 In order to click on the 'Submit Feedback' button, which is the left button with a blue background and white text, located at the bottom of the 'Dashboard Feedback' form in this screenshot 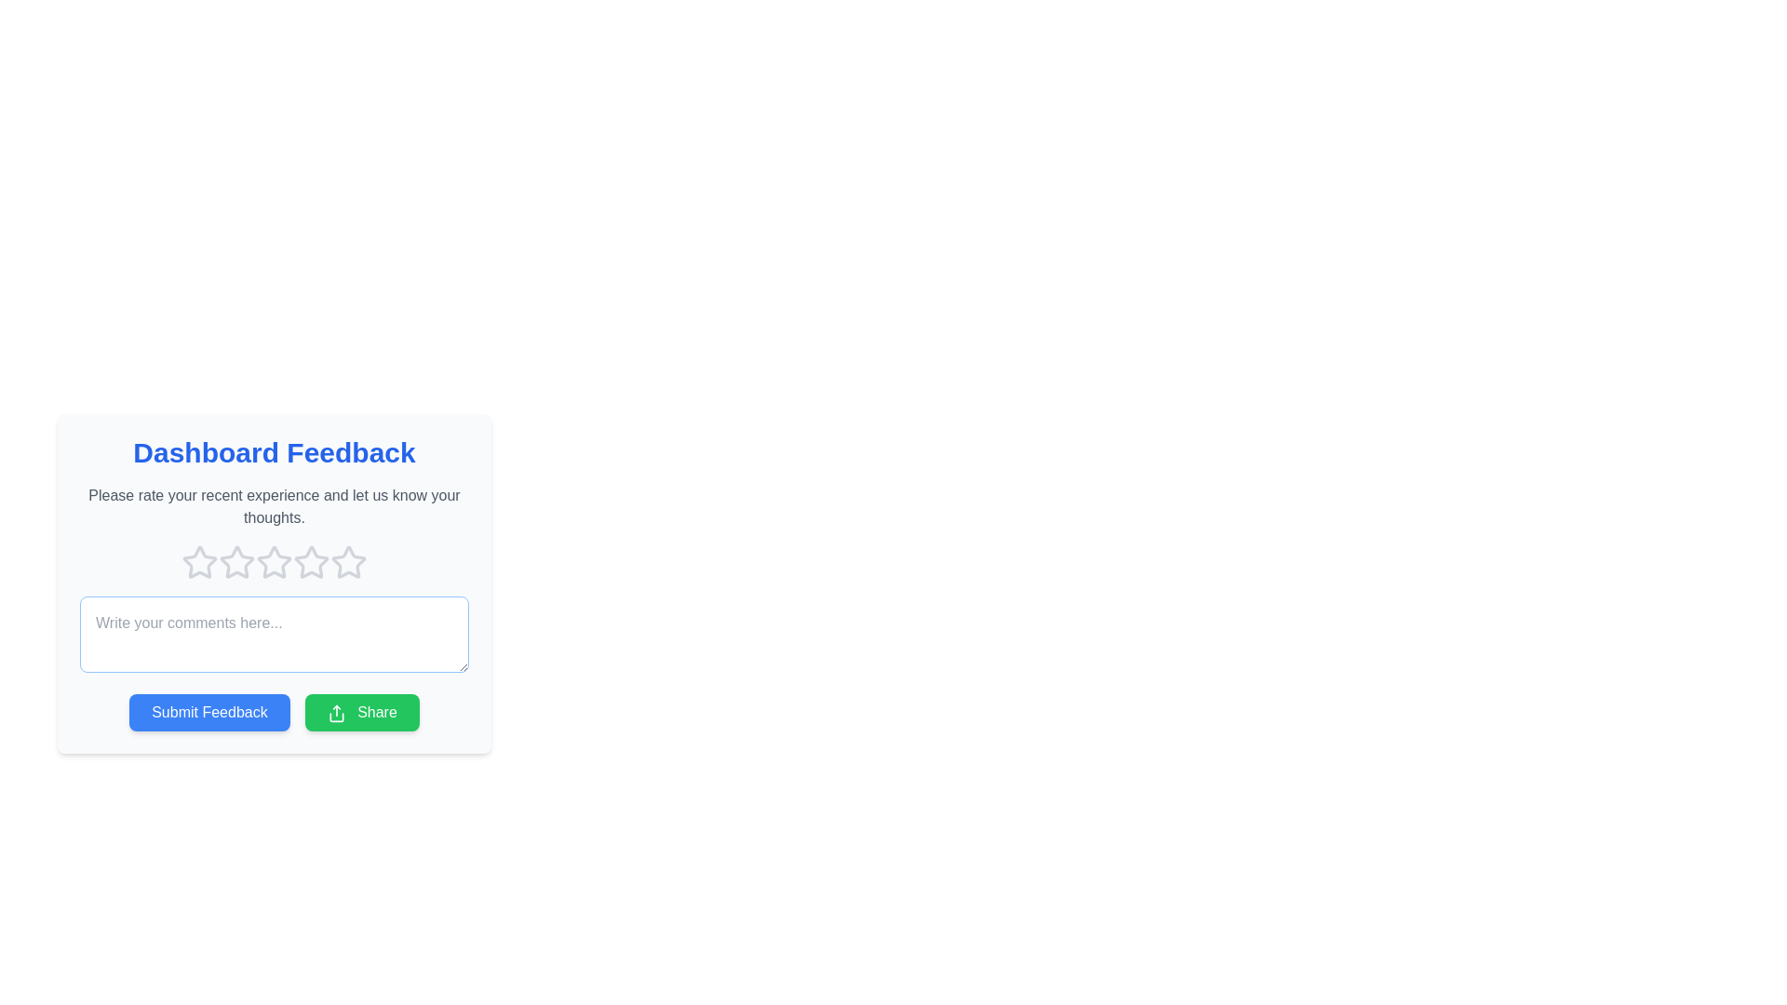, I will do `click(273, 712)`.